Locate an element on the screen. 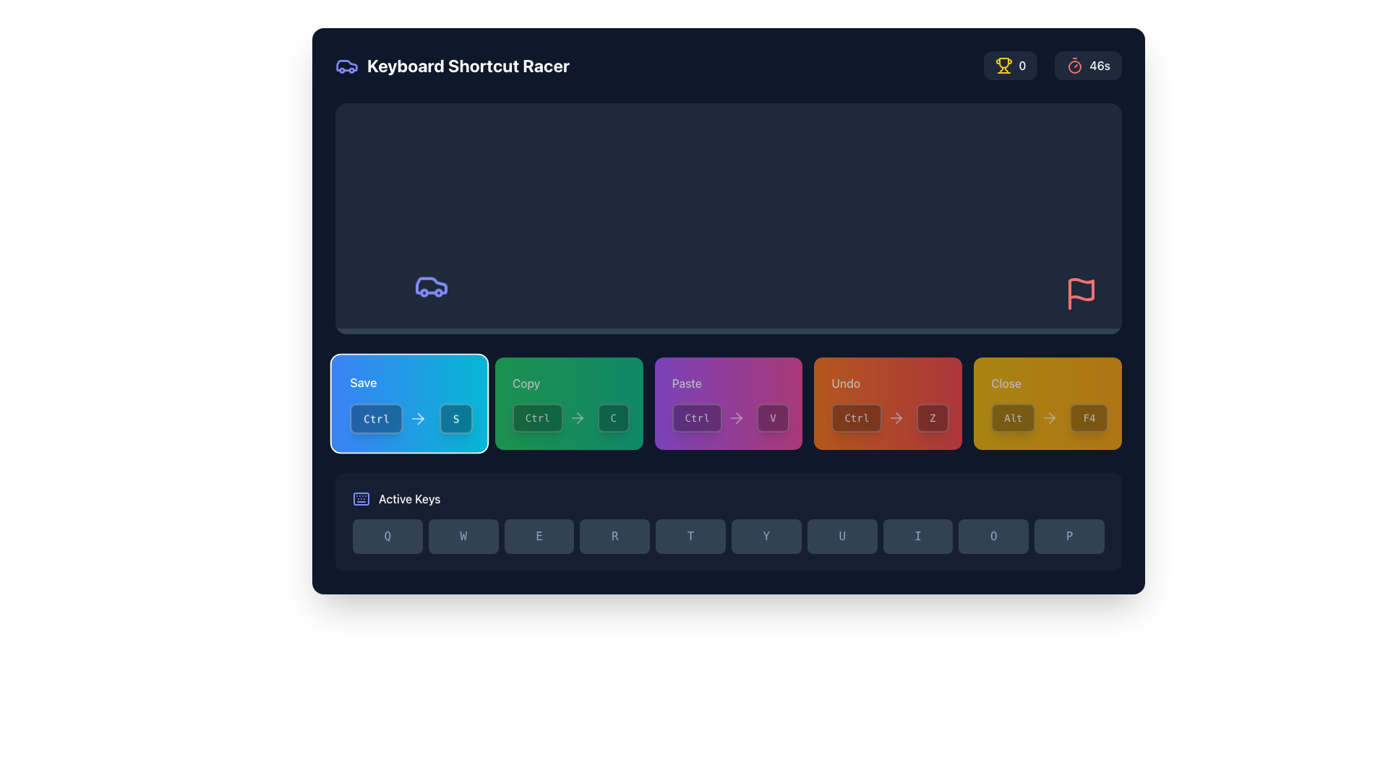  the 'Undo' button, which is a rectangular button with a gradient background transitioning from orange to red, located in the fourth column of the five-button grid is located at coordinates (887, 404).